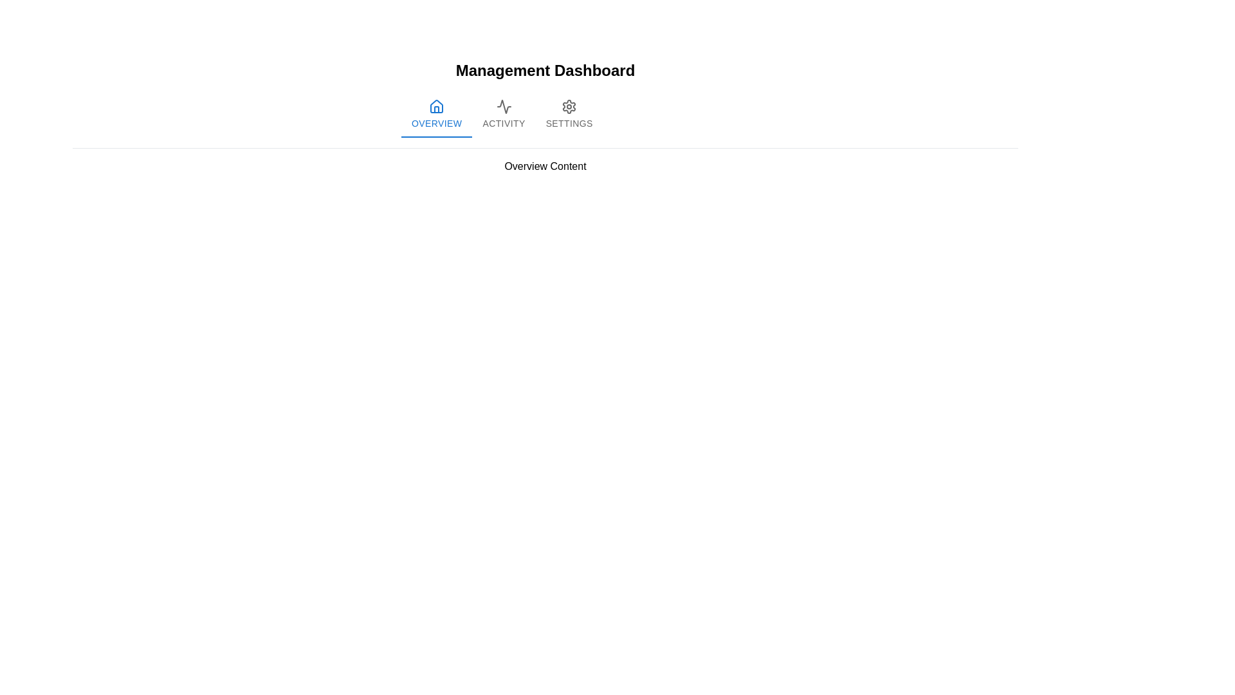 This screenshot has width=1235, height=695. What do you see at coordinates (503, 113) in the screenshot?
I see `the 'Activity' tab in the navigation bar to switch to the Activity view` at bounding box center [503, 113].